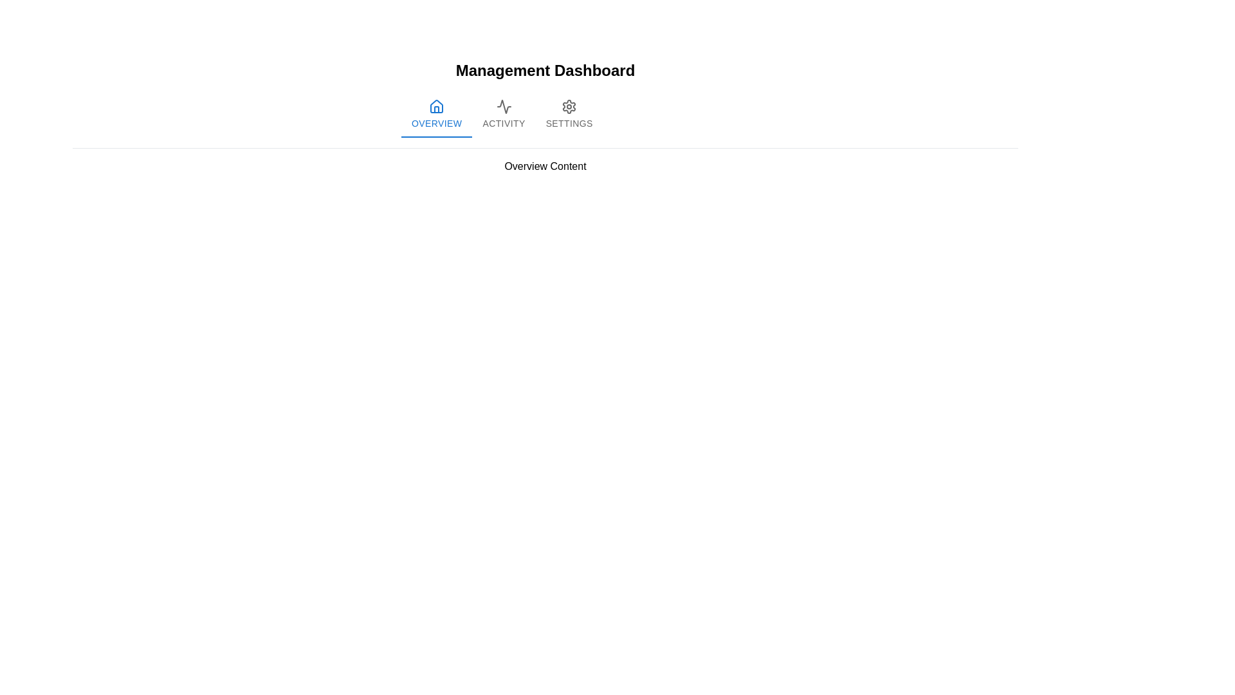 This screenshot has width=1235, height=695. What do you see at coordinates (503, 113) in the screenshot?
I see `the 'Activity' tab in the navigation bar to switch to the Activity view` at bounding box center [503, 113].